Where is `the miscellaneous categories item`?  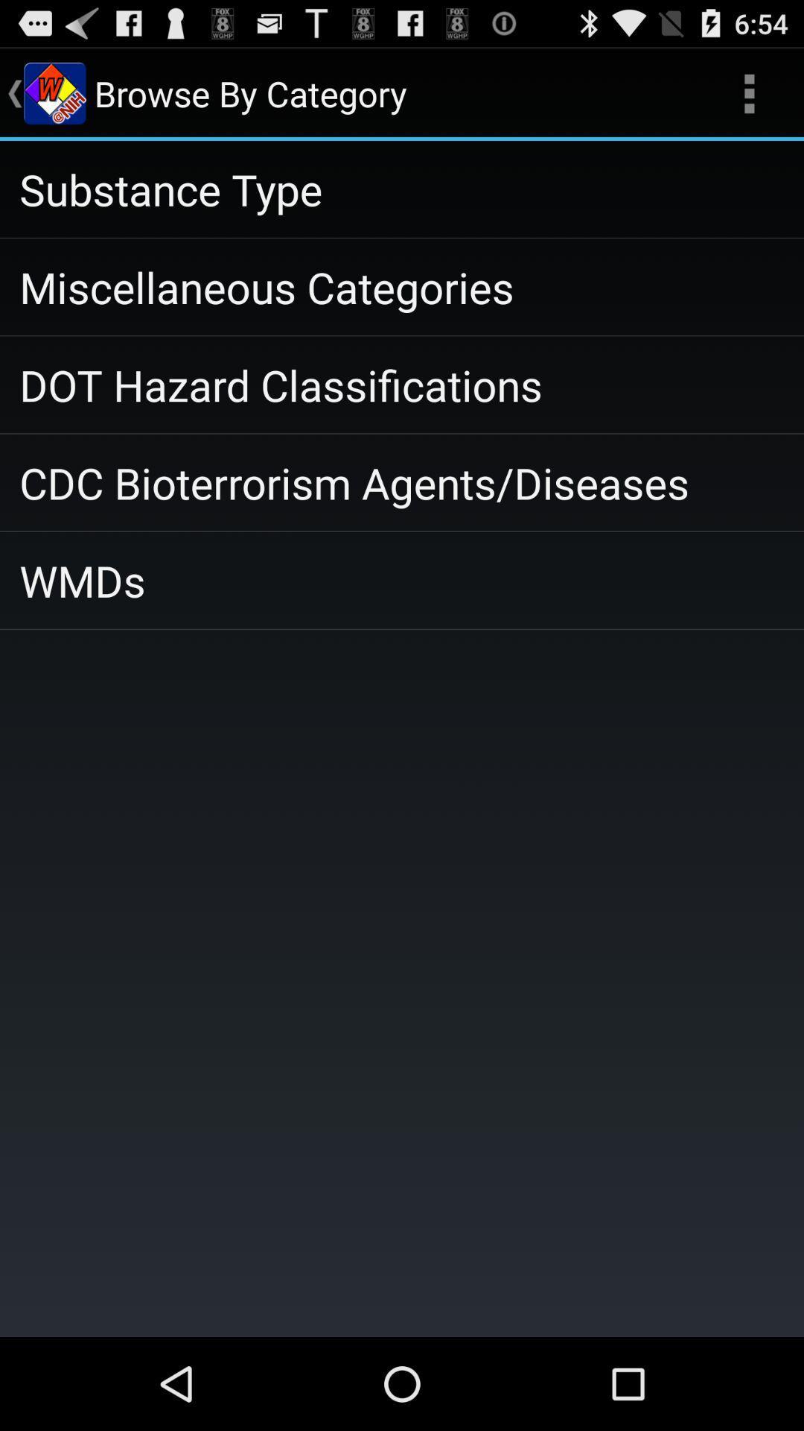
the miscellaneous categories item is located at coordinates (402, 287).